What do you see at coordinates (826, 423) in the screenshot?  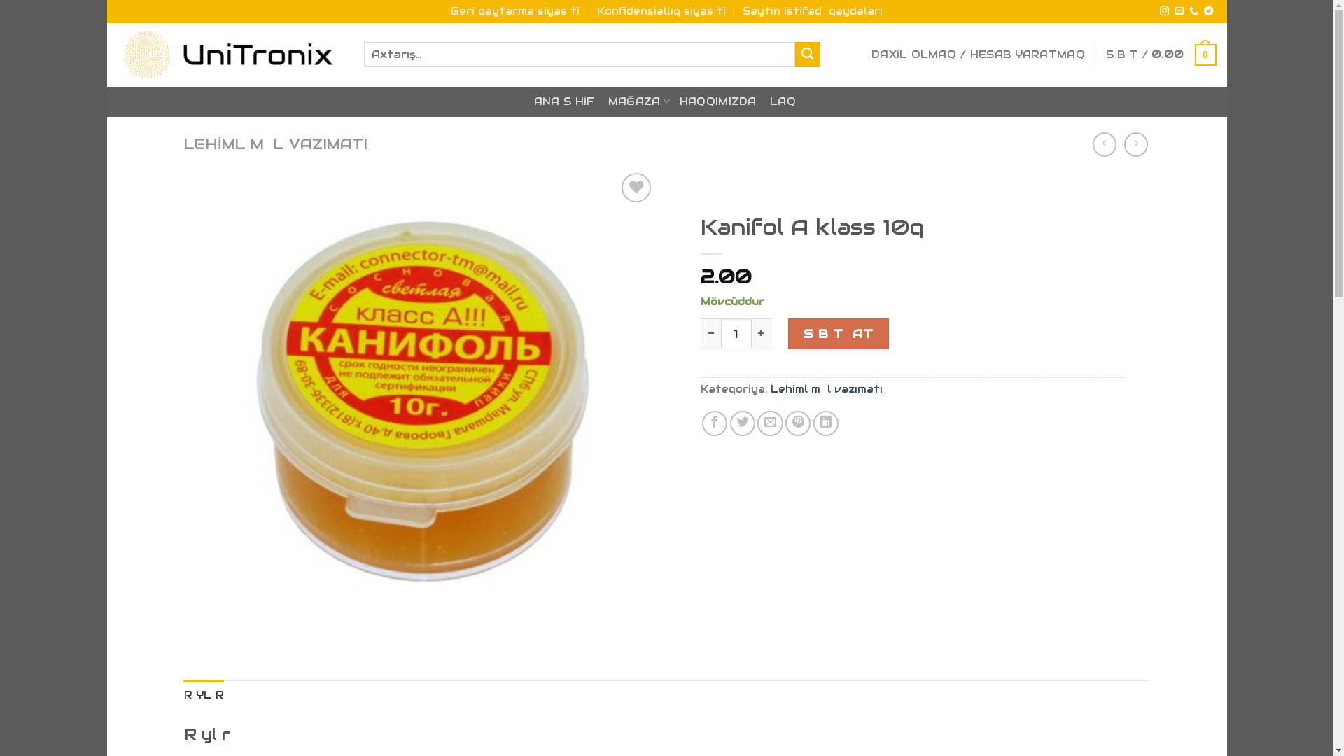 I see `'Share on LinkedIn'` at bounding box center [826, 423].